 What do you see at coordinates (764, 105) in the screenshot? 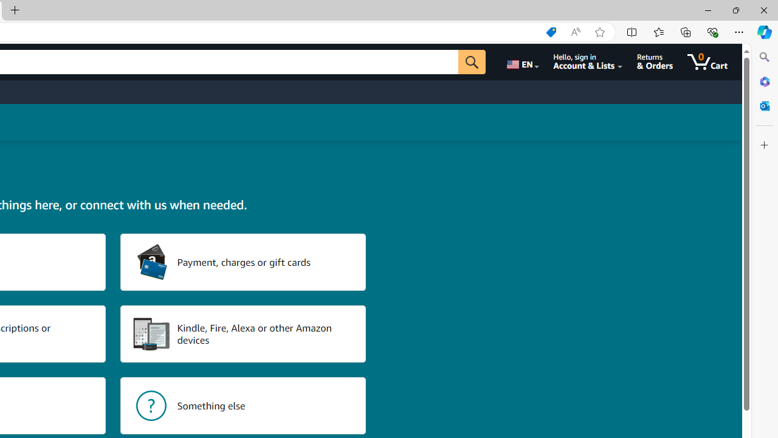
I see `'Close Outlook pane'` at bounding box center [764, 105].